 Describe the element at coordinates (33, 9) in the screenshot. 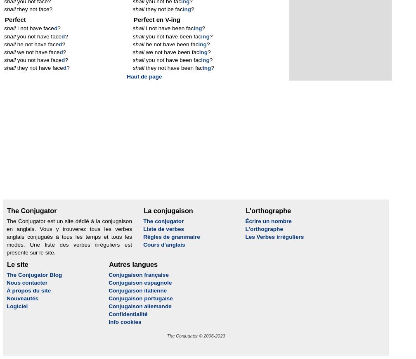

I see `'they not face?'` at that location.